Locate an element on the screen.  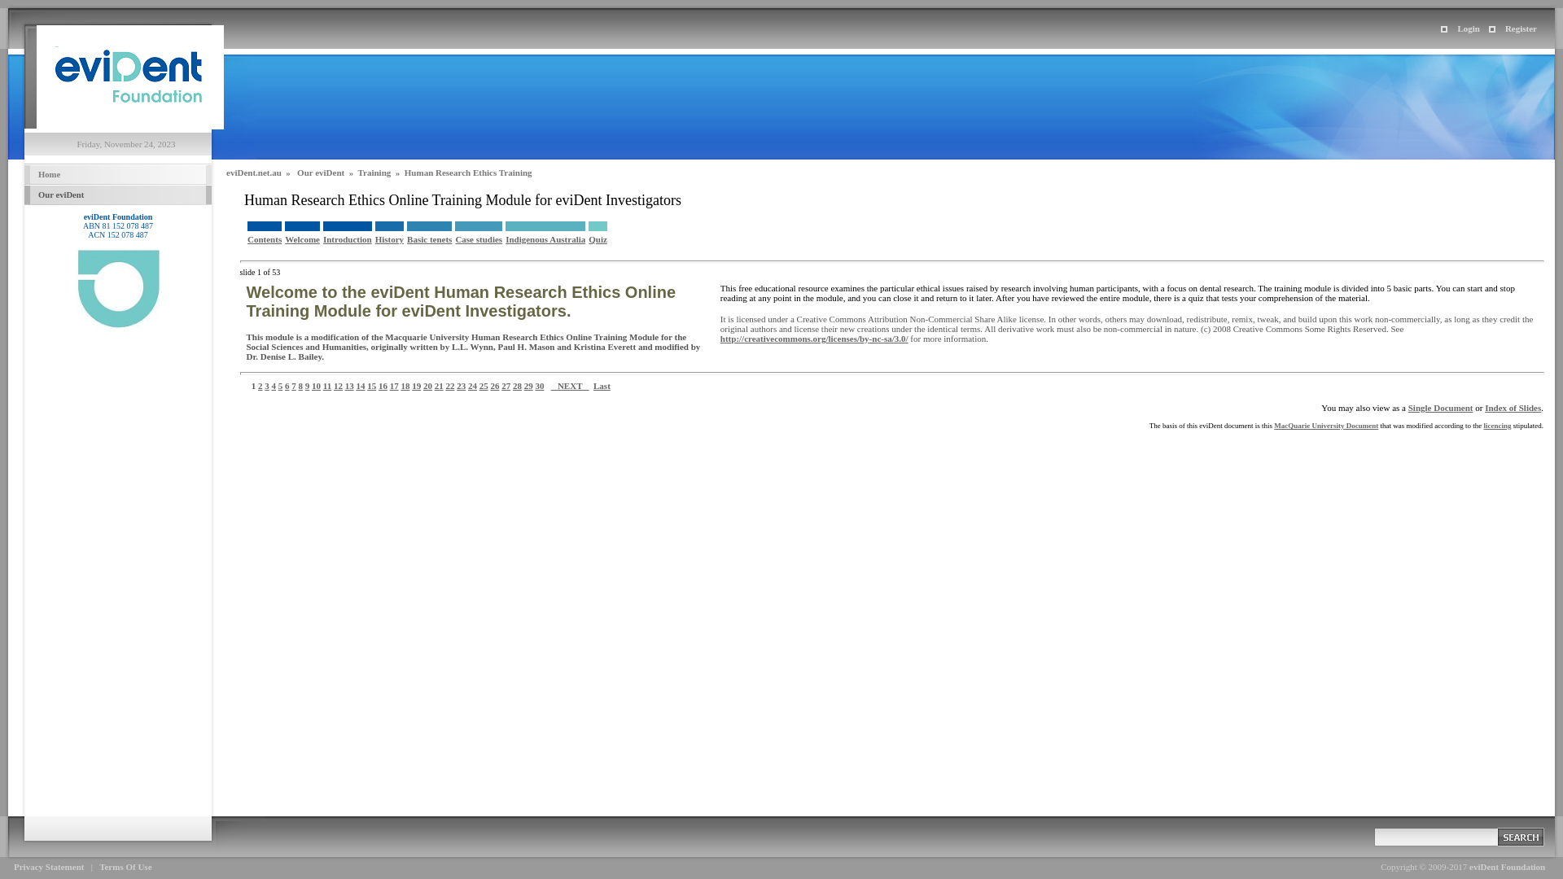
'8' is located at coordinates (300, 386).